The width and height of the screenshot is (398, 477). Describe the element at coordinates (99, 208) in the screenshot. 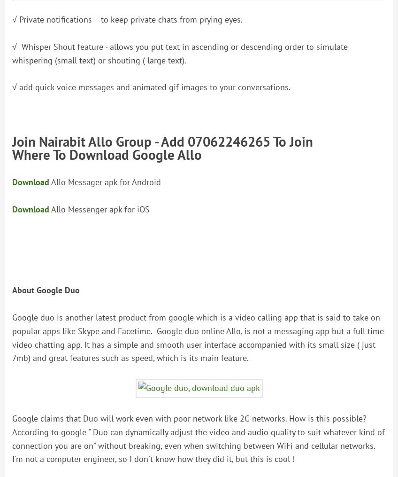

I see `'Allo Messenger apk for iOS'` at that location.